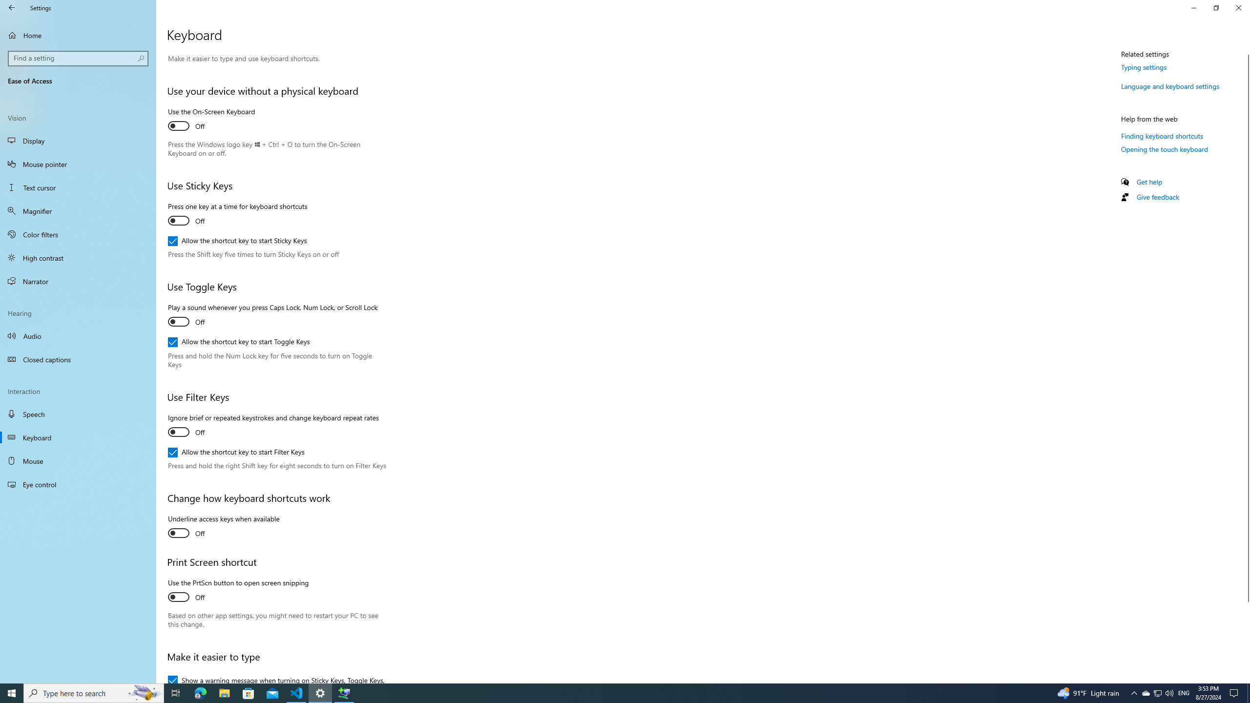  I want to click on 'Close Settings', so click(1238, 7).